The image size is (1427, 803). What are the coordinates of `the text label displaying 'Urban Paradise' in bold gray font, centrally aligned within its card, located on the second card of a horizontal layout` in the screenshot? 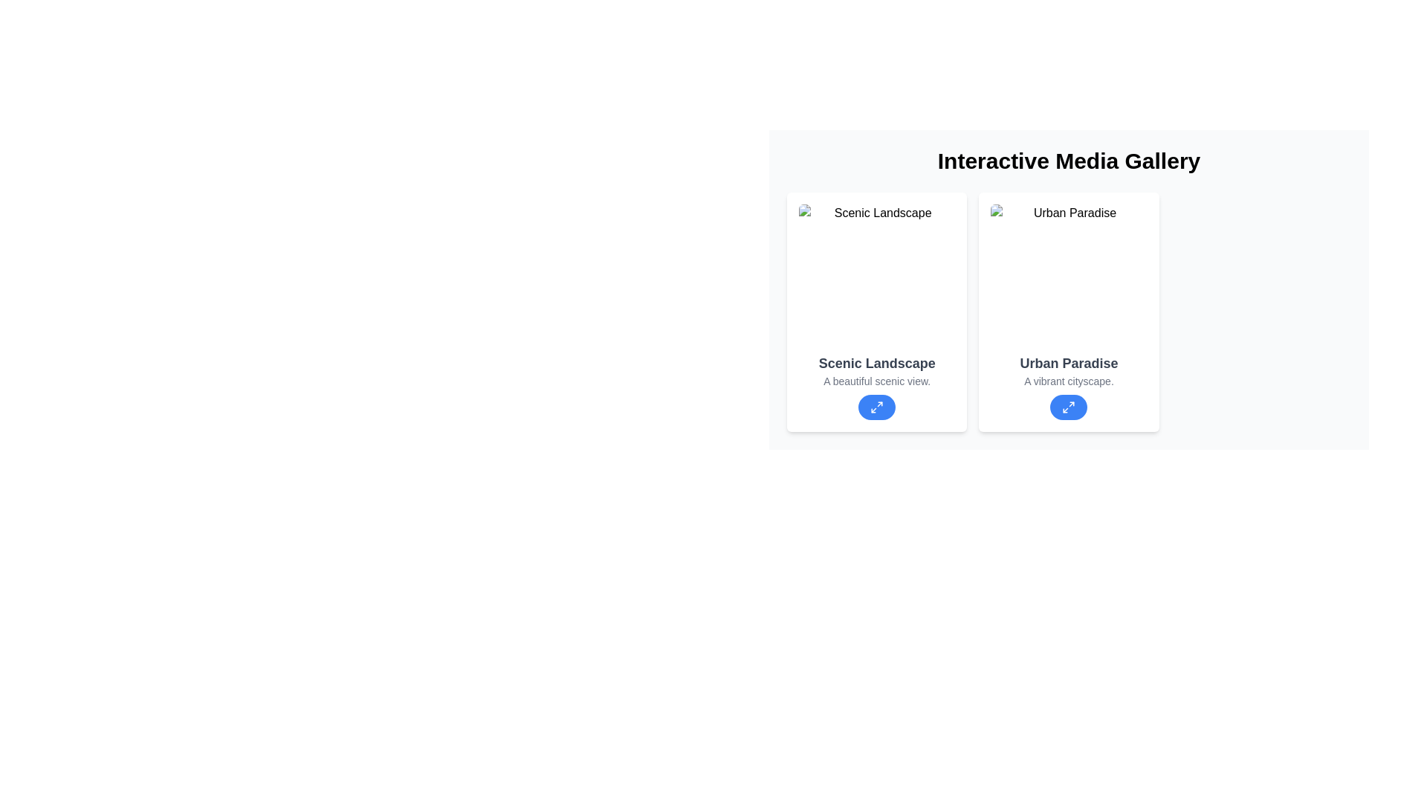 It's located at (1068, 364).